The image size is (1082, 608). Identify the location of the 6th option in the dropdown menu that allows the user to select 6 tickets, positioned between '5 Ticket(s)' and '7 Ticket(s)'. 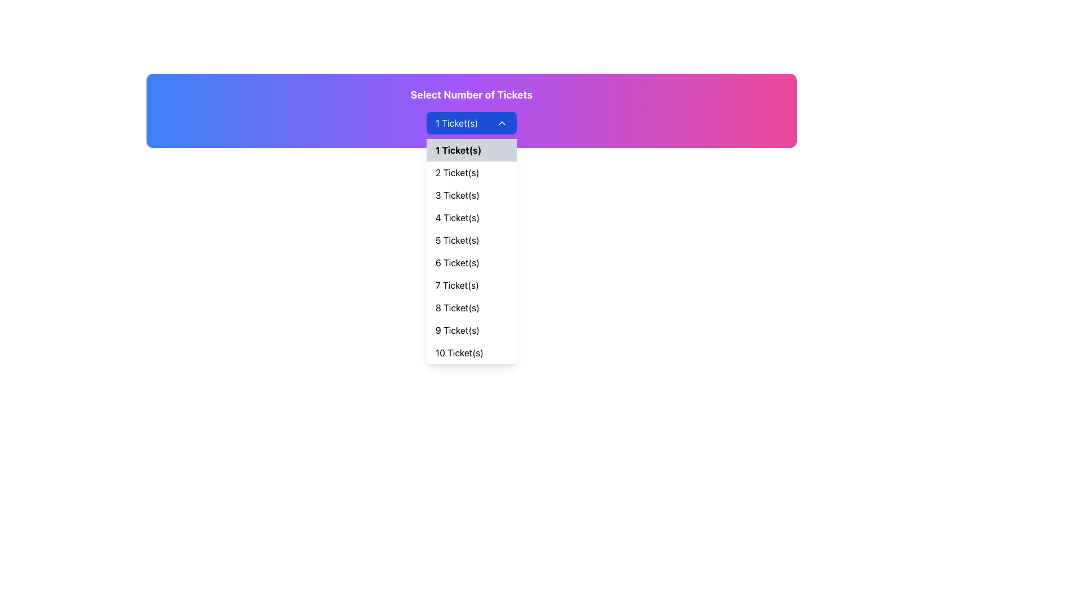
(471, 262).